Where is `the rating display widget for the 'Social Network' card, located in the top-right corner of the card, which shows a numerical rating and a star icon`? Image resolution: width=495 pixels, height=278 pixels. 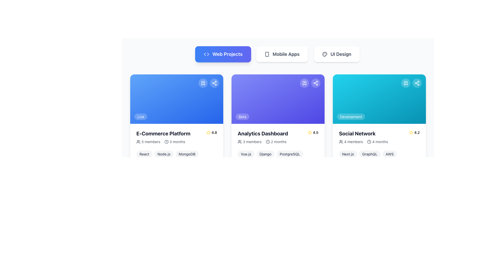 the rating display widget for the 'Social Network' card, located in the top-right corner of the card, which shows a numerical rating and a star icon is located at coordinates (414, 132).